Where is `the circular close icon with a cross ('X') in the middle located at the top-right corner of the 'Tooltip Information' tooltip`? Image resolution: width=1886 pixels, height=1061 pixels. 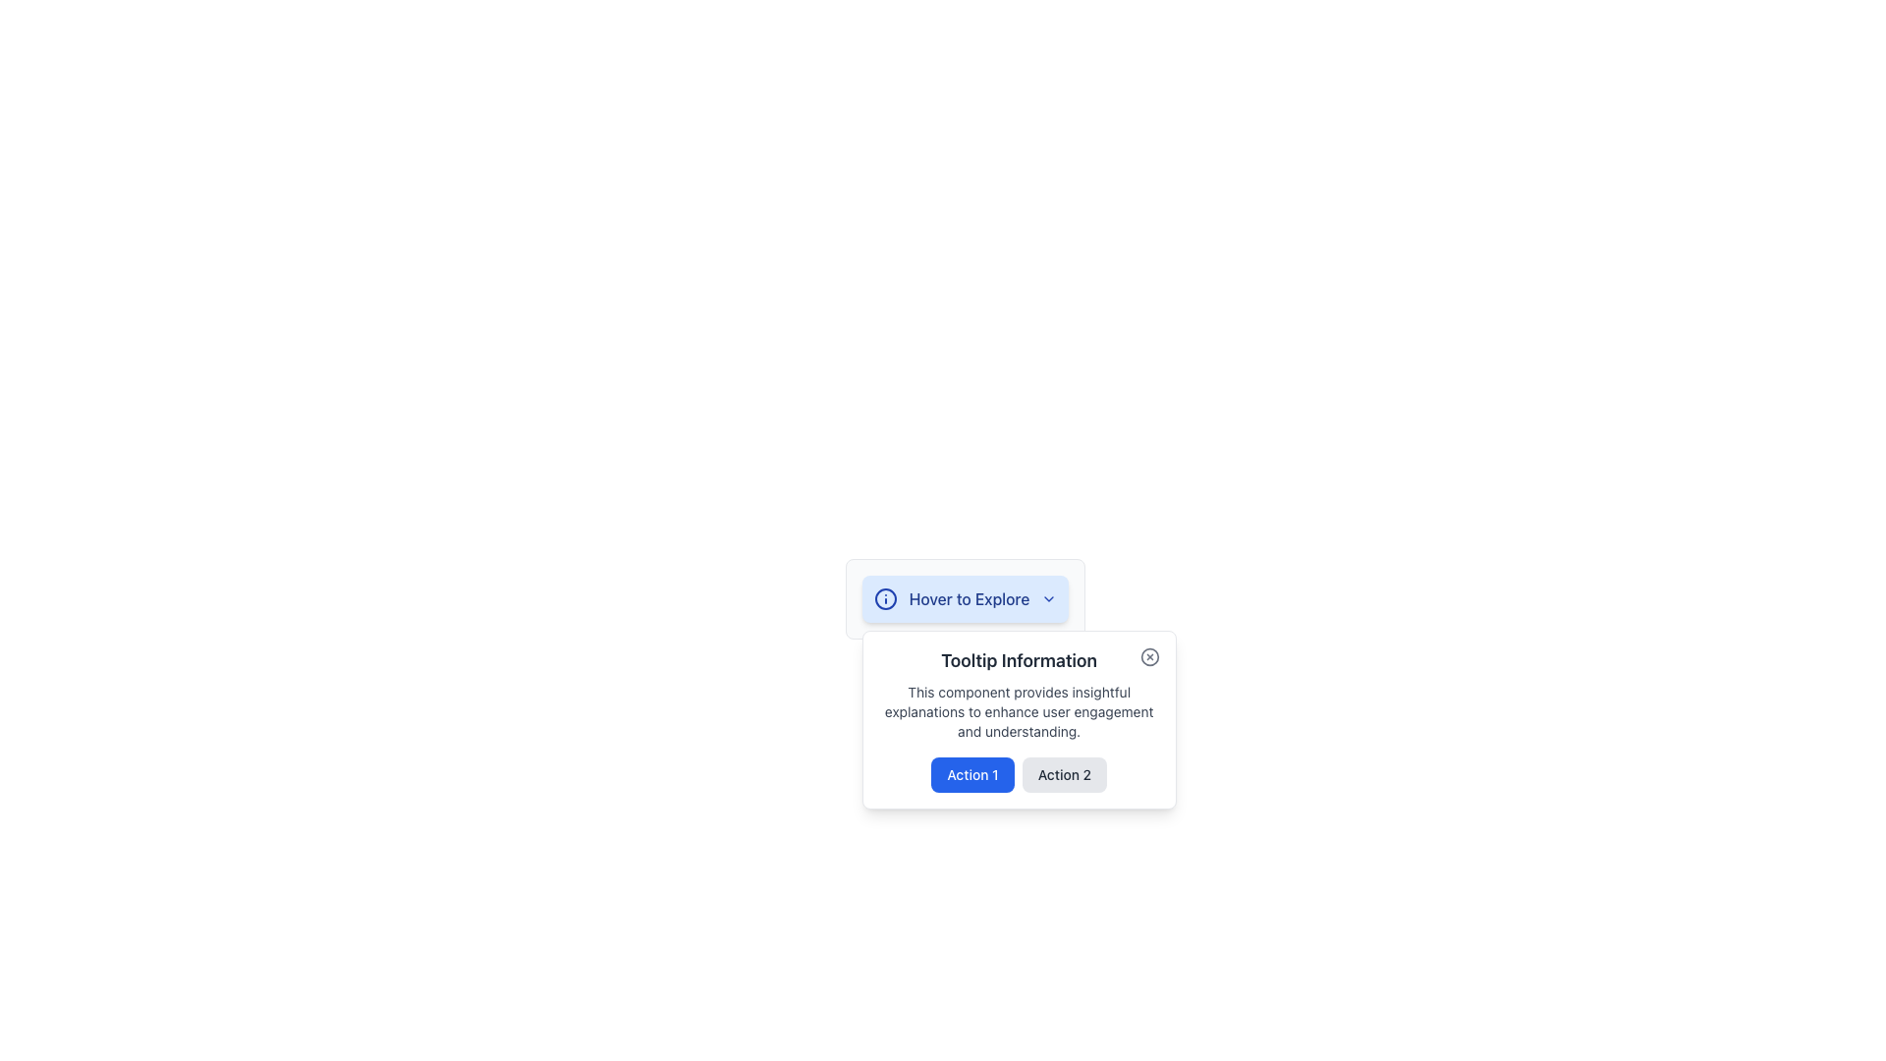 the circular close icon with a cross ('X') in the middle located at the top-right corner of the 'Tooltip Information' tooltip is located at coordinates (1149, 656).